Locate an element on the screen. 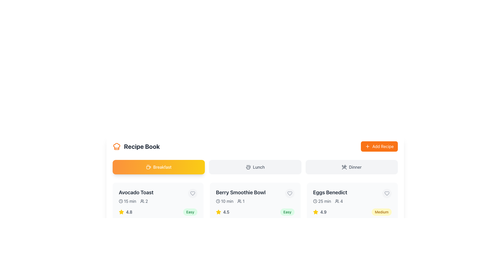 The height and width of the screenshot is (279, 496). the number '4' displayed in gray, located next to the user icon within the 'Eggs Benedict' recipe card's metadata section is located at coordinates (342, 201).